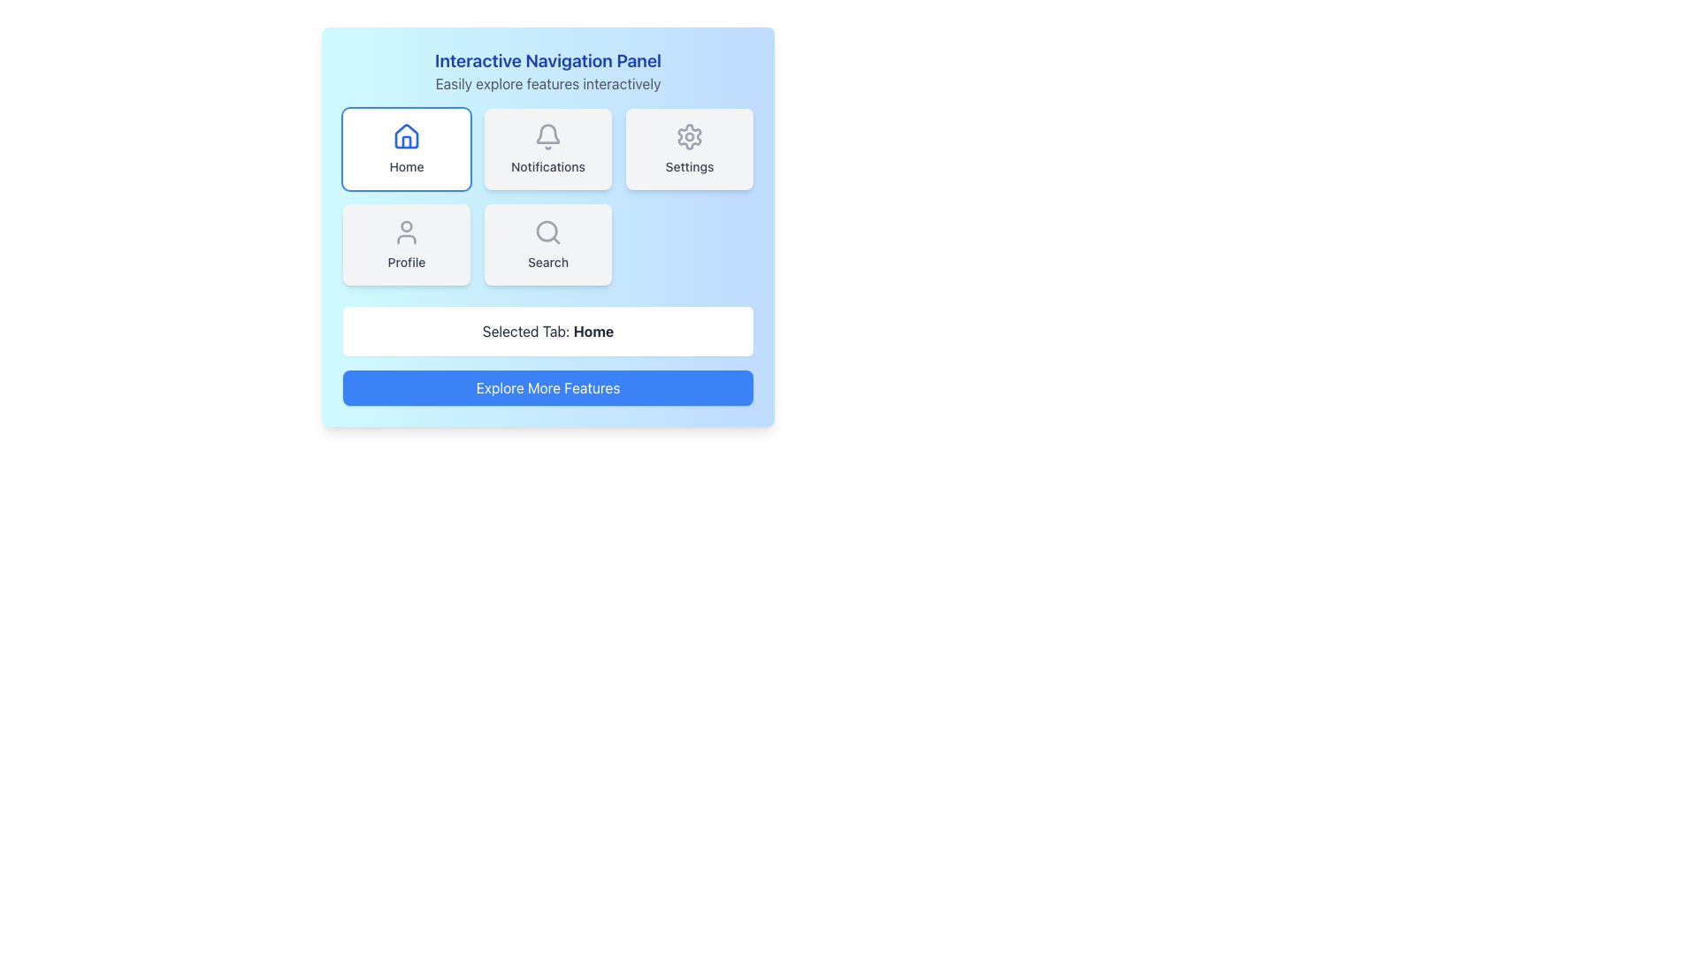 The image size is (1698, 955). I want to click on the 'Settings' button, so click(688, 149).